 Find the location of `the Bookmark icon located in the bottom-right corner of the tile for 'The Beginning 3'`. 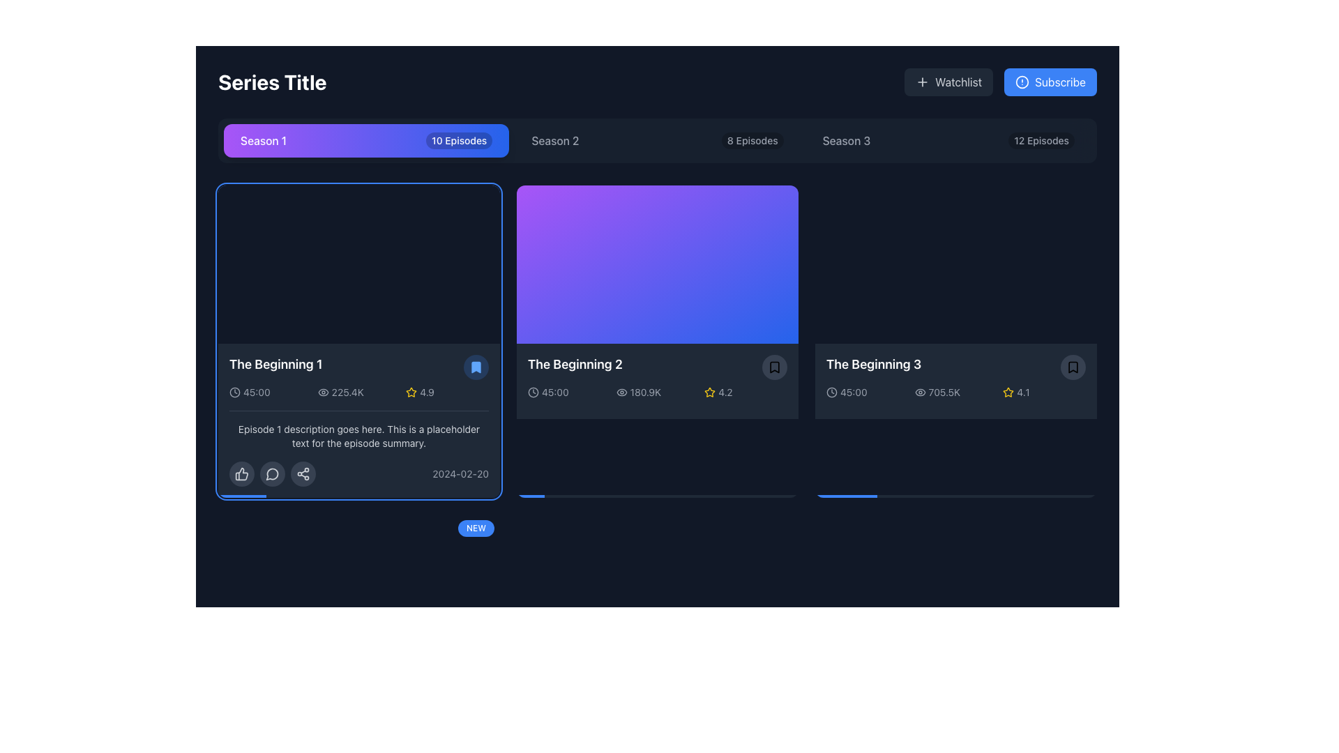

the Bookmark icon located in the bottom-right corner of the tile for 'The Beginning 3' is located at coordinates (1073, 367).